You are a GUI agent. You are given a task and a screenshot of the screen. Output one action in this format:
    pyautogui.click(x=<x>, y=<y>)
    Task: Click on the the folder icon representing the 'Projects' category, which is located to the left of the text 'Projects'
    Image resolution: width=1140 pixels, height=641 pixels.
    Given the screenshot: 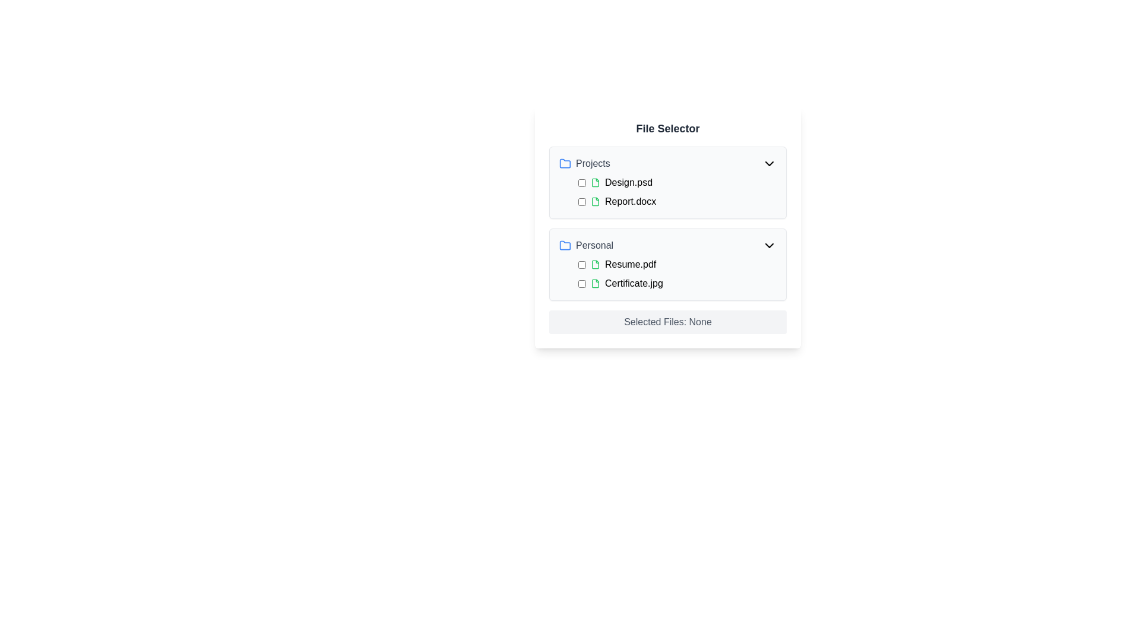 What is the action you would take?
    pyautogui.click(x=564, y=164)
    